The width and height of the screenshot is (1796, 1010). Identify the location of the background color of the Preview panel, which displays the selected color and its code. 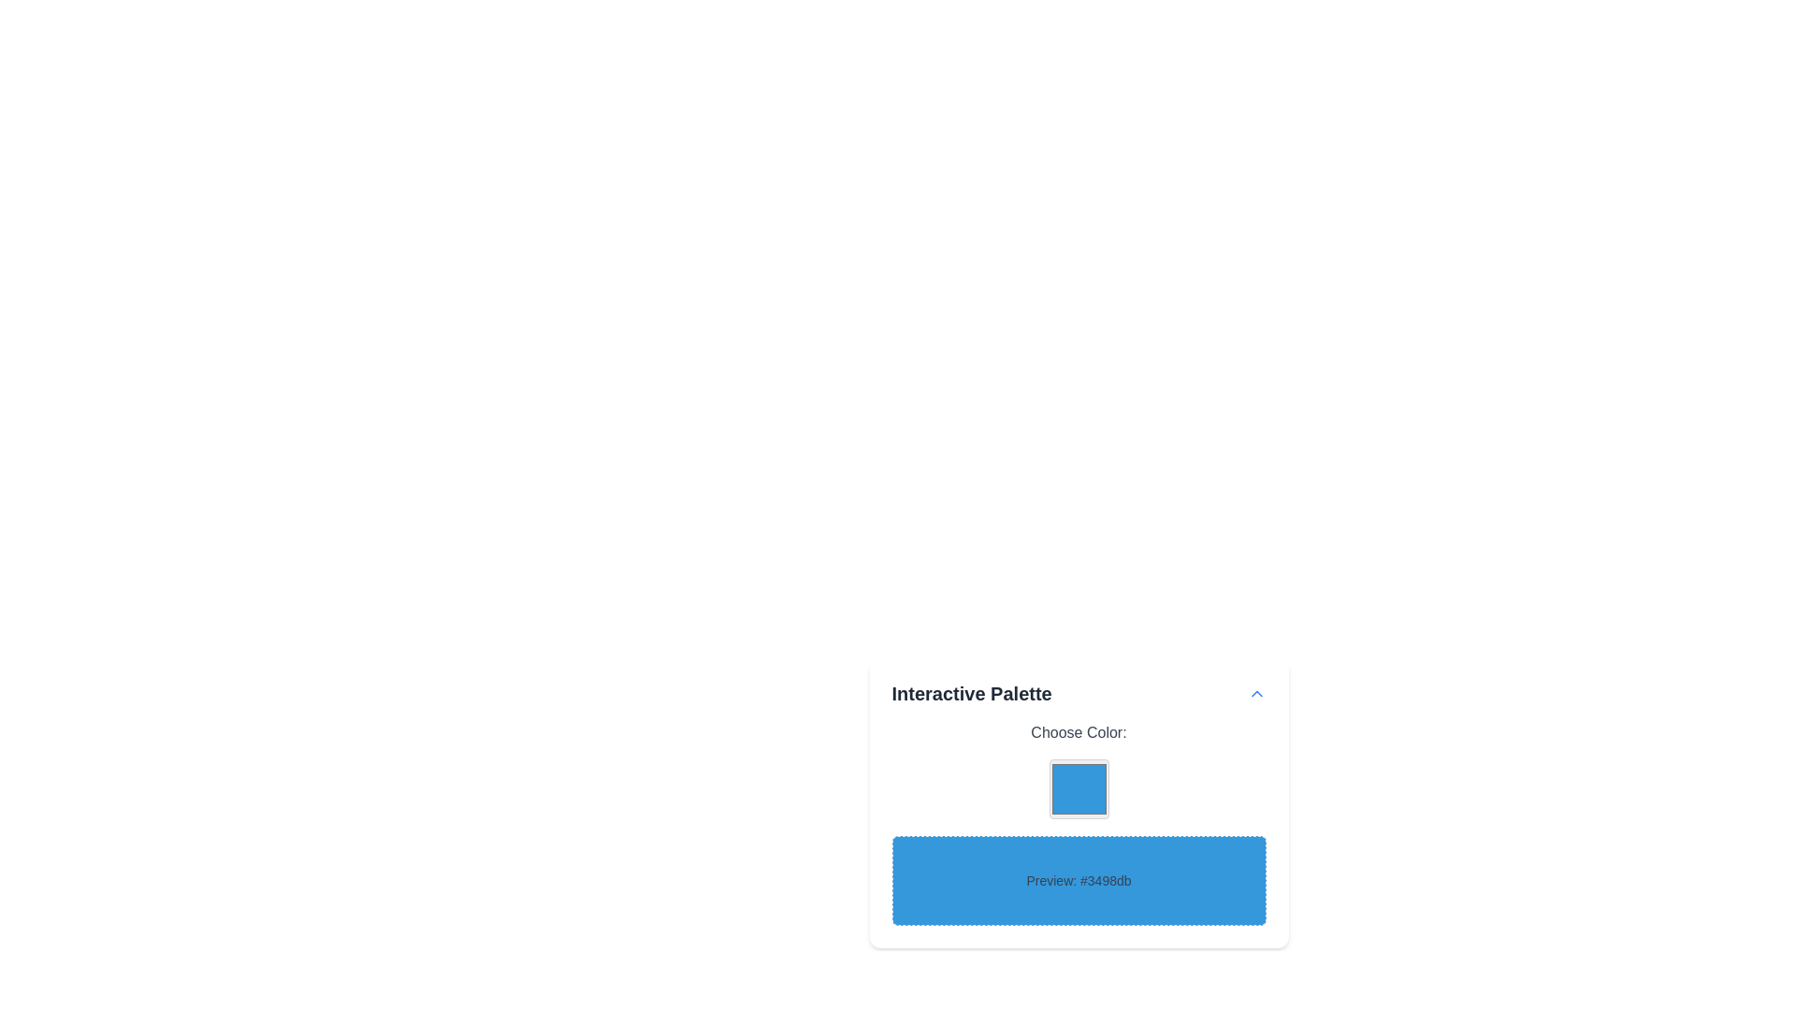
(1079, 802).